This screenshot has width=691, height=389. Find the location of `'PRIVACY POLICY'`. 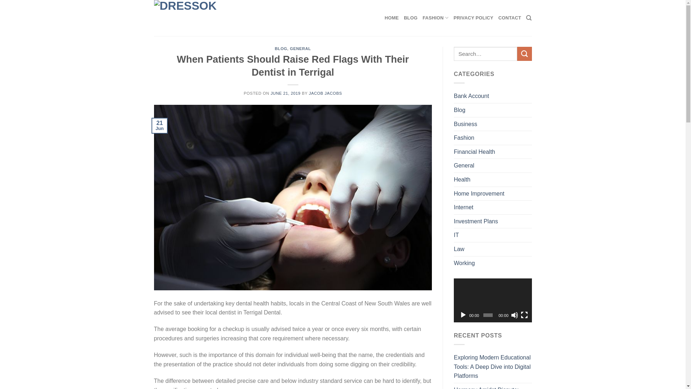

'PRIVACY POLICY' is located at coordinates (473, 18).